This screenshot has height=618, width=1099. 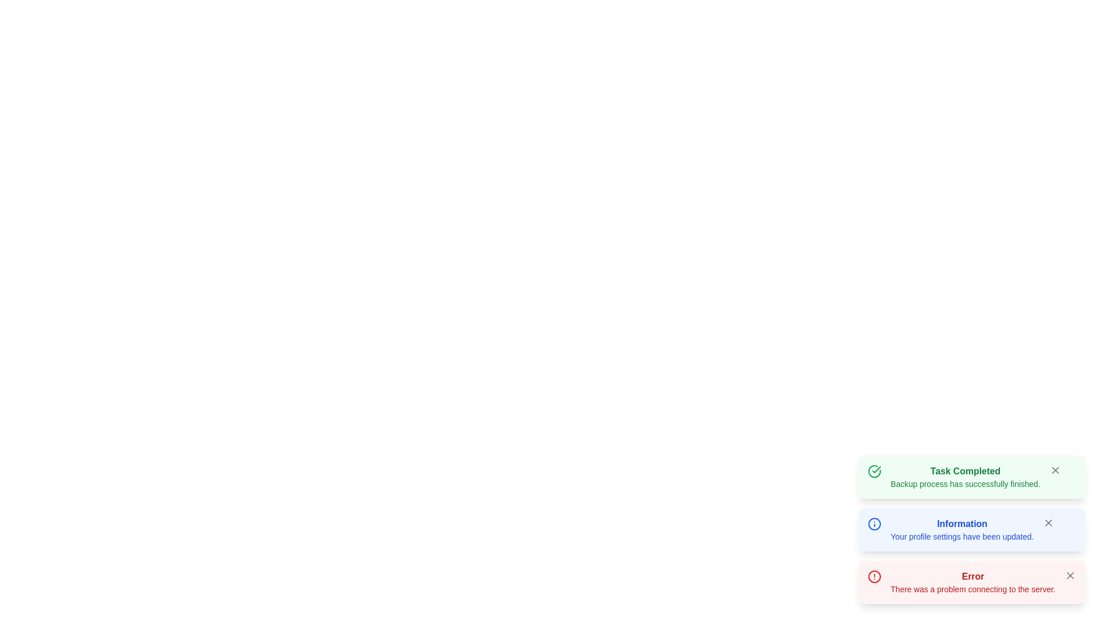 I want to click on the circular outline styled in green that forms part of the 'Task Completed' notification card's checkmark icon, so click(x=874, y=472).